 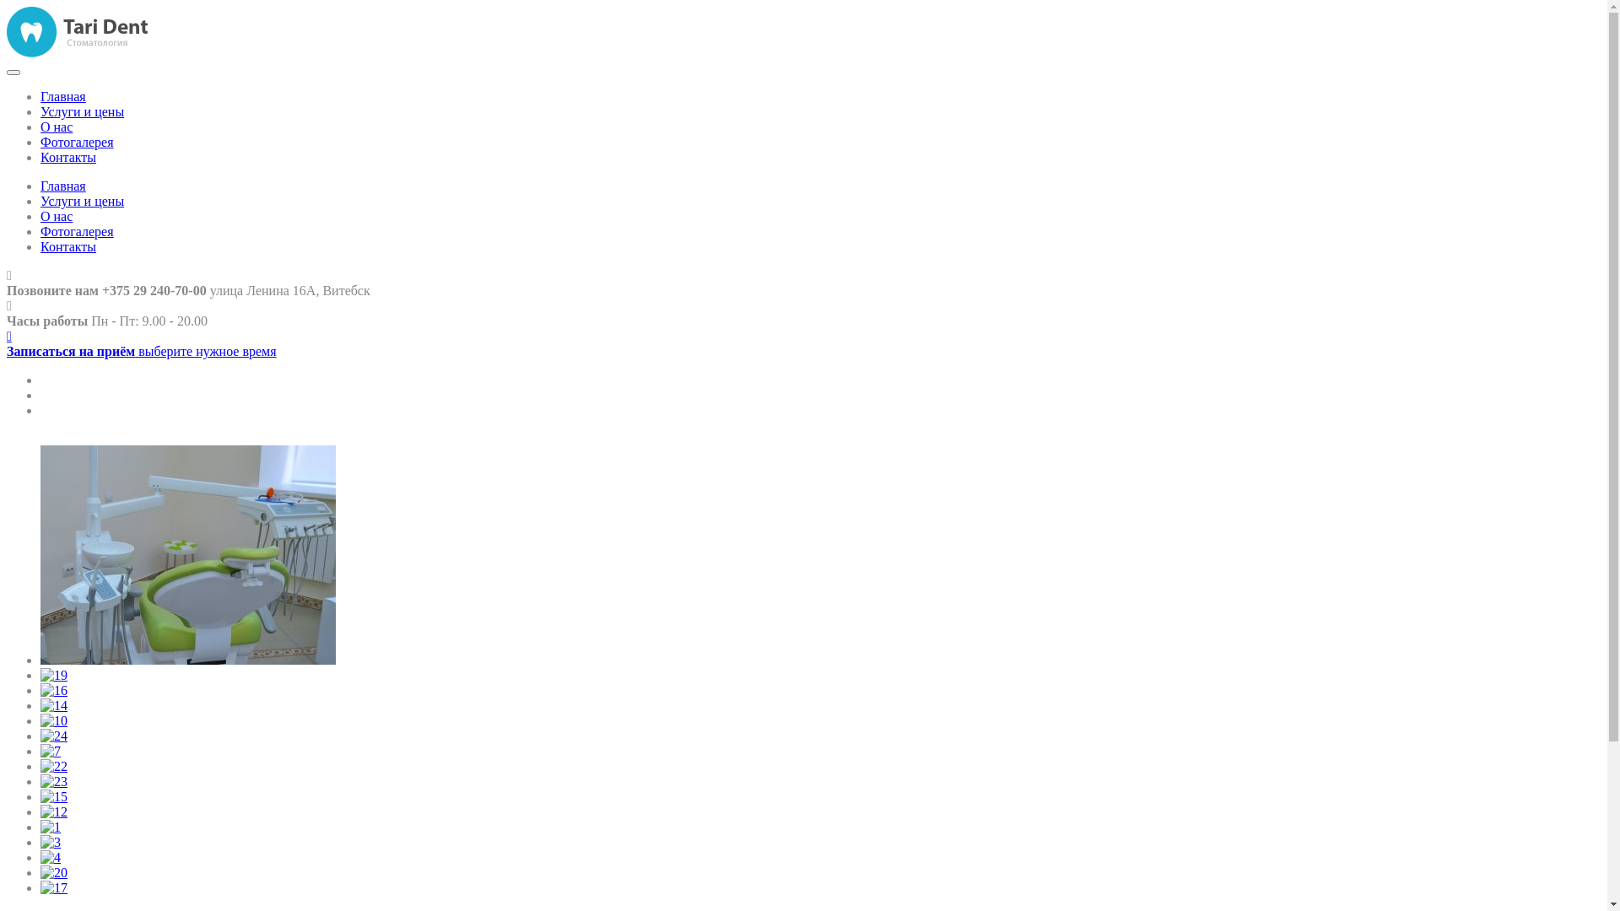 What do you see at coordinates (40, 872) in the screenshot?
I see `'20'` at bounding box center [40, 872].